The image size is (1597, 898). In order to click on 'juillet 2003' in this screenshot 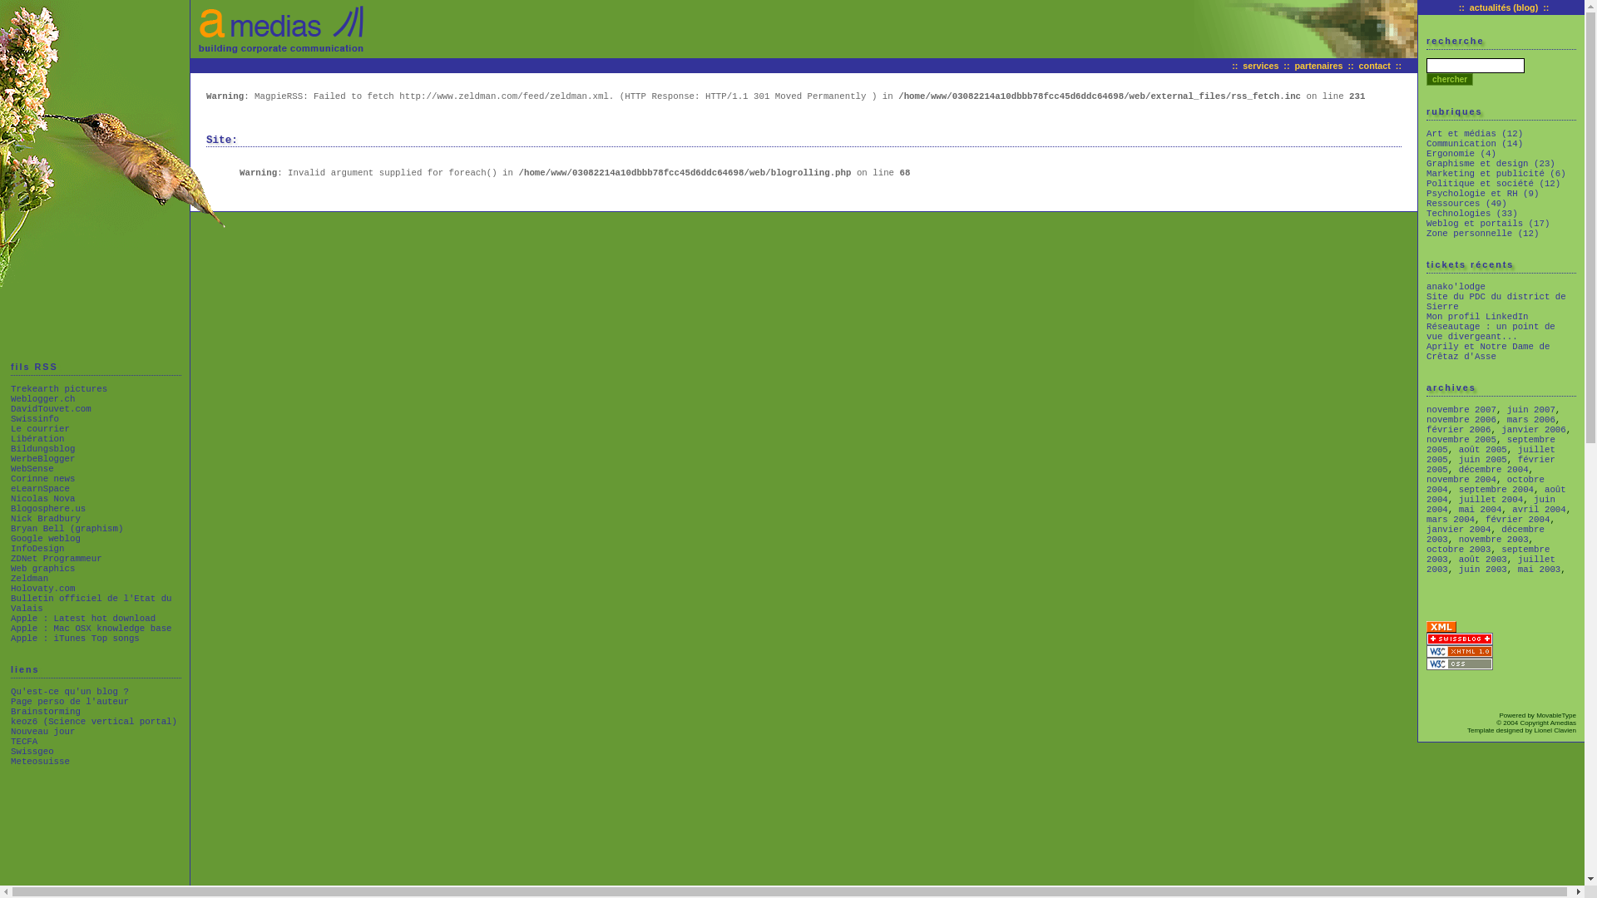, I will do `click(1491, 563)`.